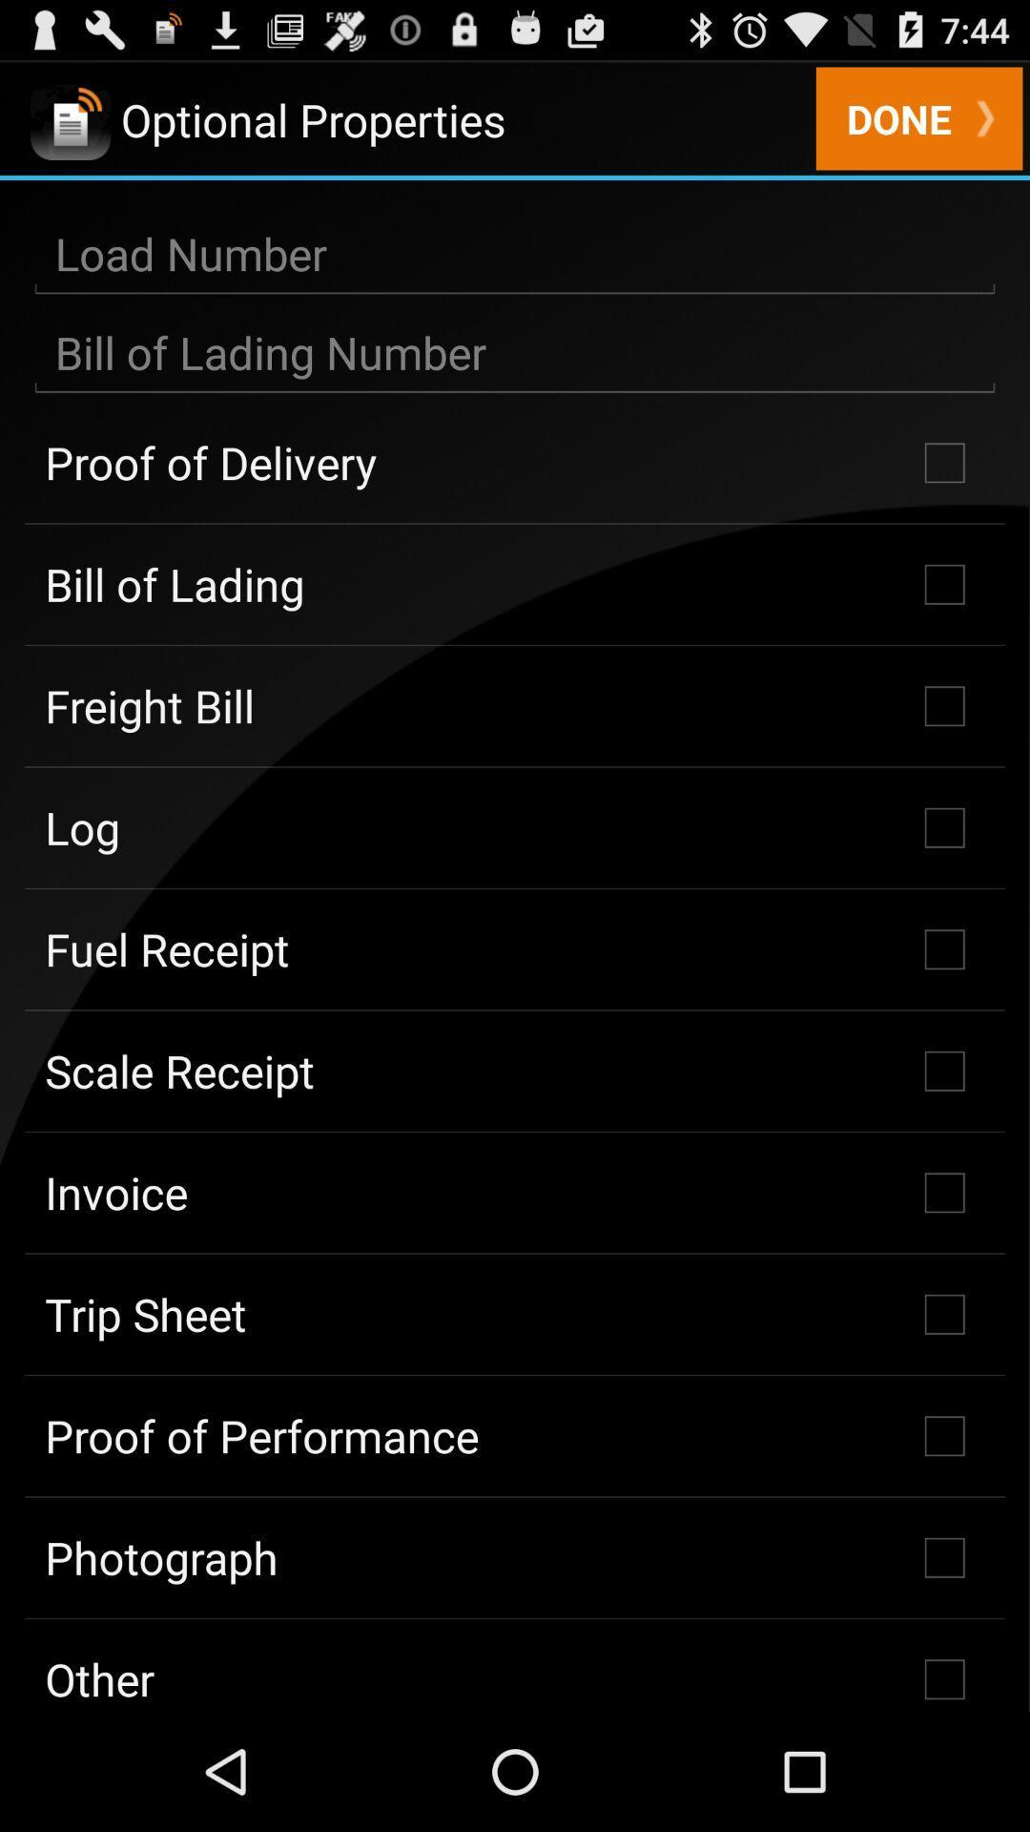  Describe the element at coordinates (515, 1192) in the screenshot. I see `invoice icon` at that location.